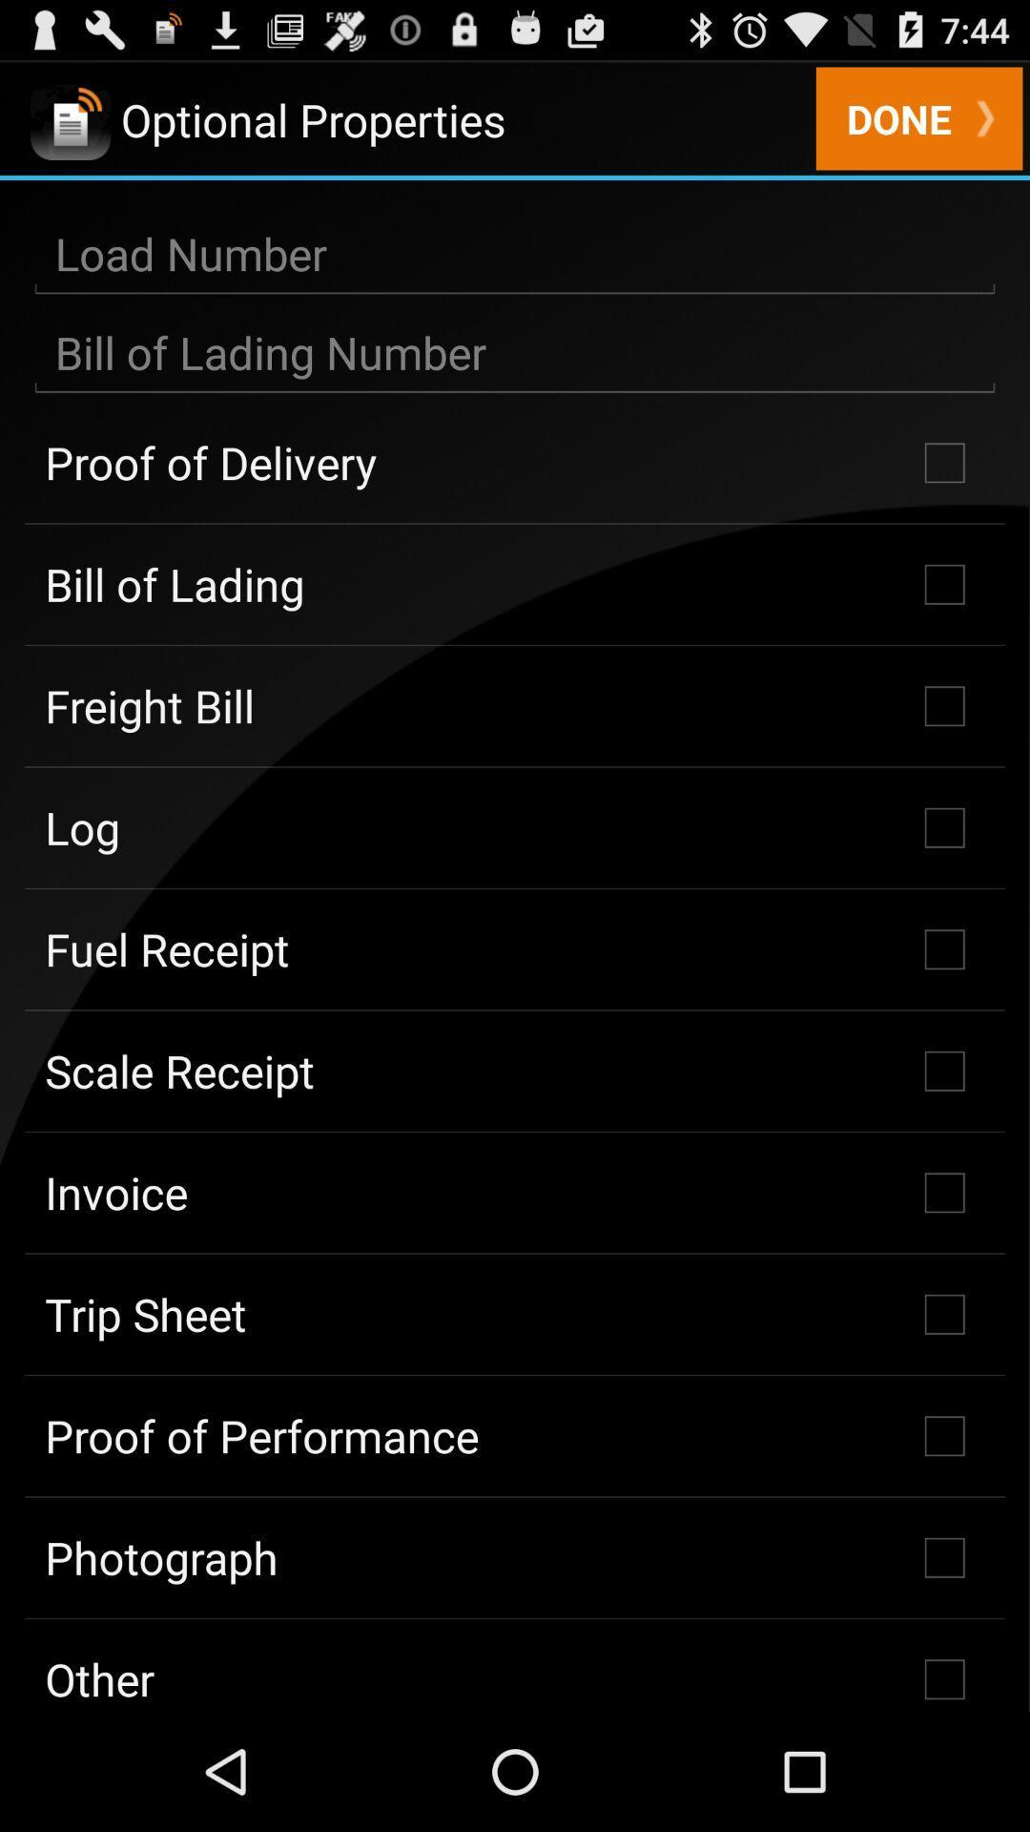  Describe the element at coordinates (515, 1192) in the screenshot. I see `invoice icon` at that location.